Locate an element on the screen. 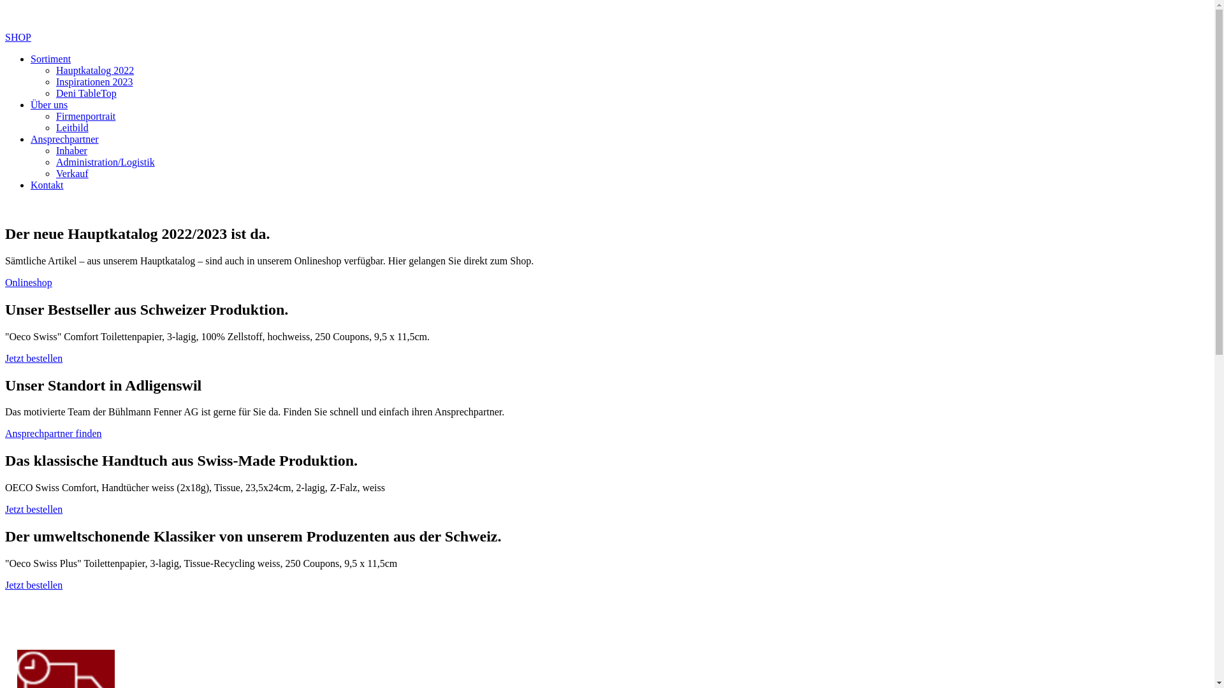 The height and width of the screenshot is (688, 1224). 'Firmenportrait' is located at coordinates (85, 116).